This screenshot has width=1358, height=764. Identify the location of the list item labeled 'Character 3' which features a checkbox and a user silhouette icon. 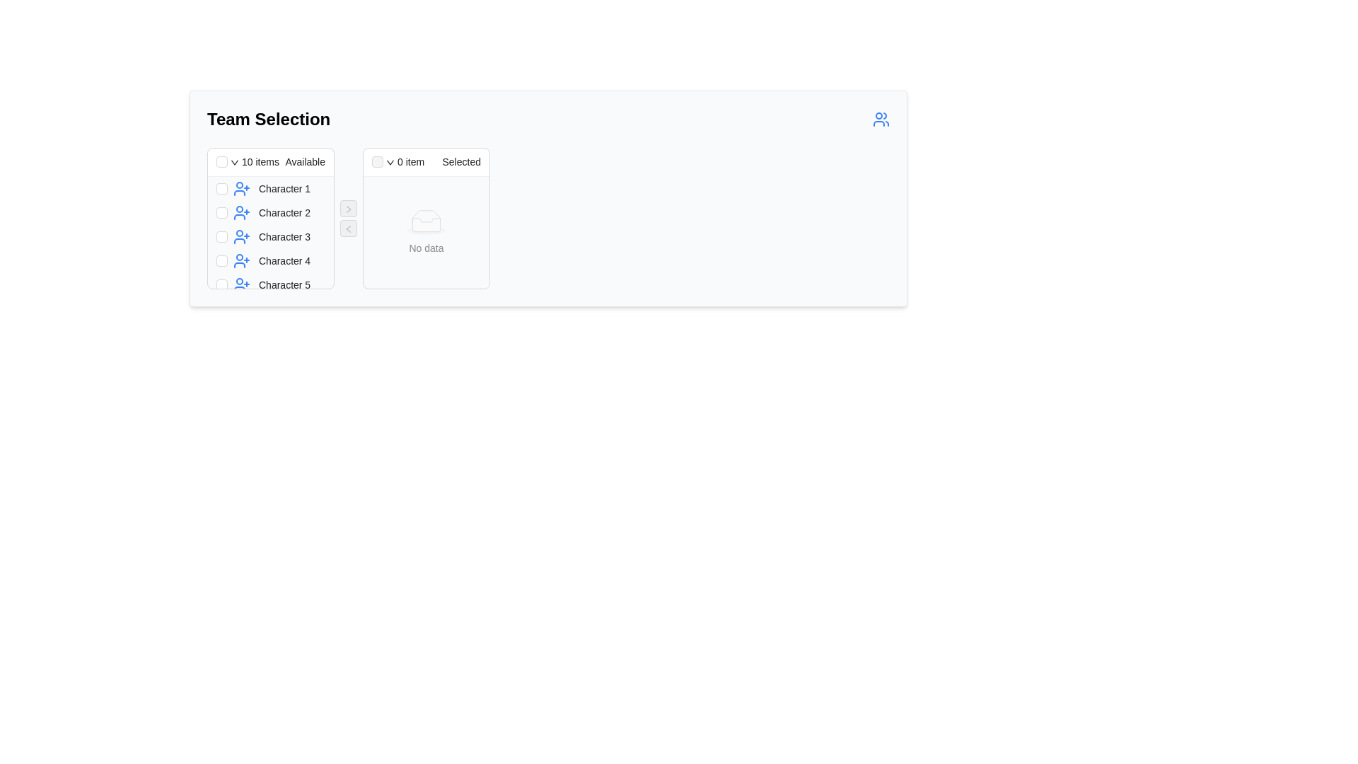
(271, 236).